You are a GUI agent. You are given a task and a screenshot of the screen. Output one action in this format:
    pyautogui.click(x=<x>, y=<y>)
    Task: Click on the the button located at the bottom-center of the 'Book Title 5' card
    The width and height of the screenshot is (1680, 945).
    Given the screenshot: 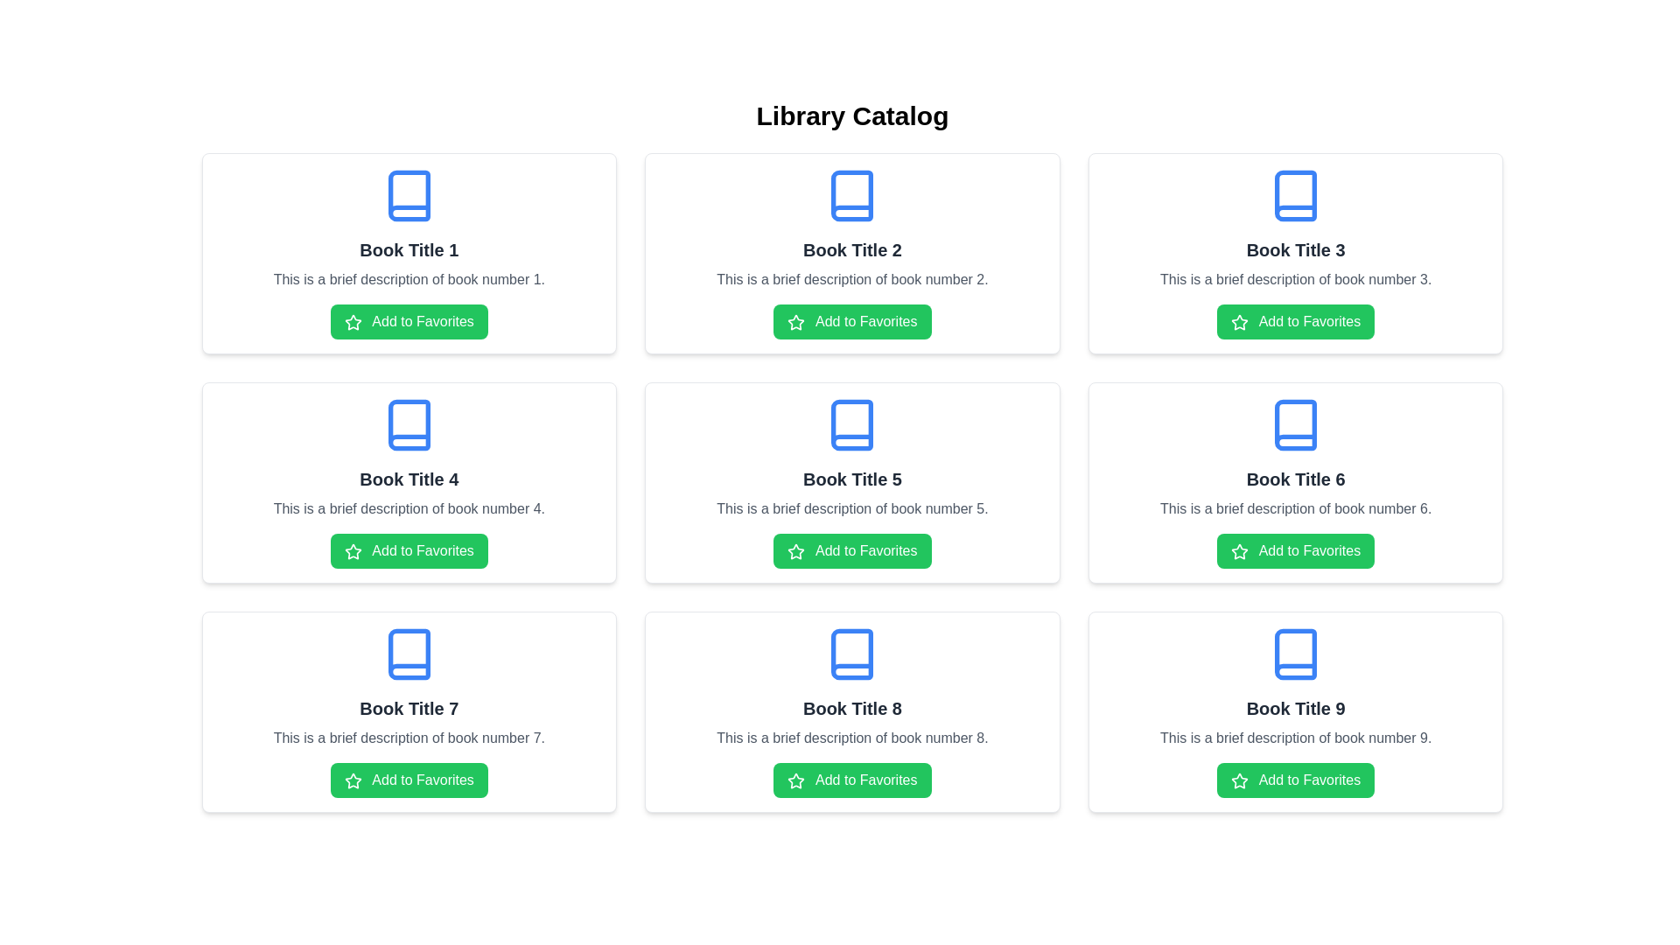 What is the action you would take?
    pyautogui.click(x=852, y=549)
    